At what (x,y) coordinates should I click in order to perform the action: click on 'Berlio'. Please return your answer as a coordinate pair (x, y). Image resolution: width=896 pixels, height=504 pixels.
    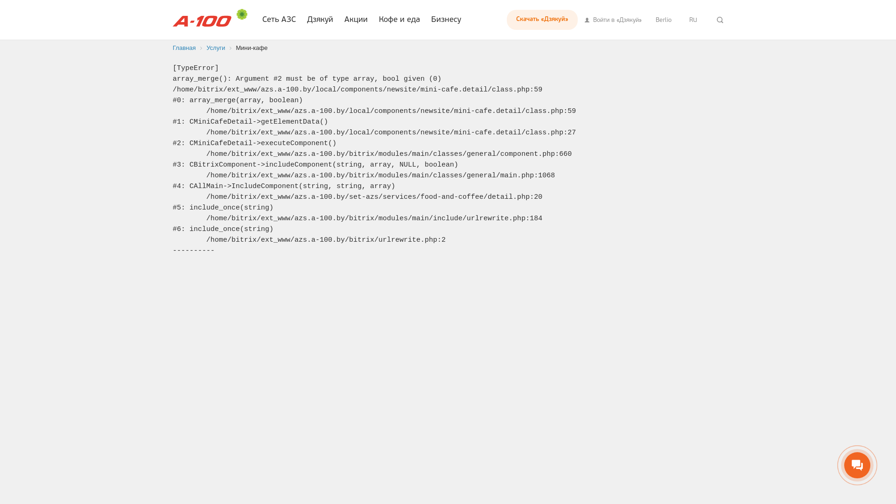
    Looking at the image, I should click on (663, 20).